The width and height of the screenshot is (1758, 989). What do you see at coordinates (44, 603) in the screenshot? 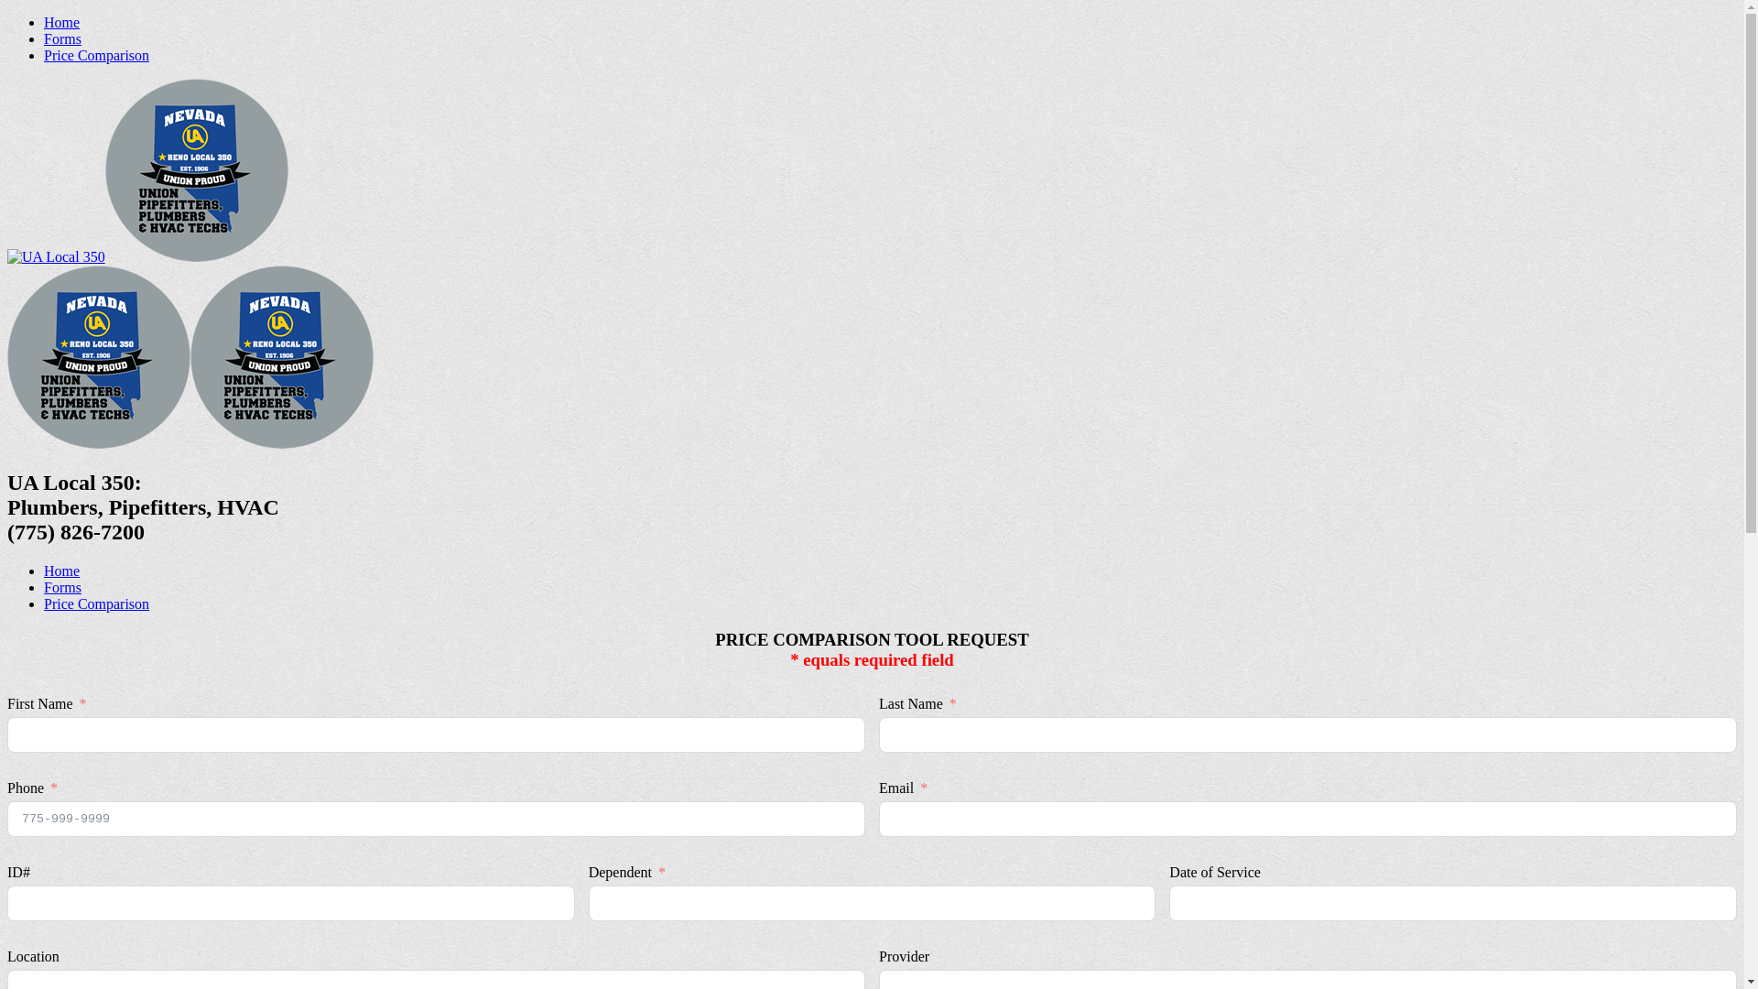
I see `'Price Comparison'` at bounding box center [44, 603].